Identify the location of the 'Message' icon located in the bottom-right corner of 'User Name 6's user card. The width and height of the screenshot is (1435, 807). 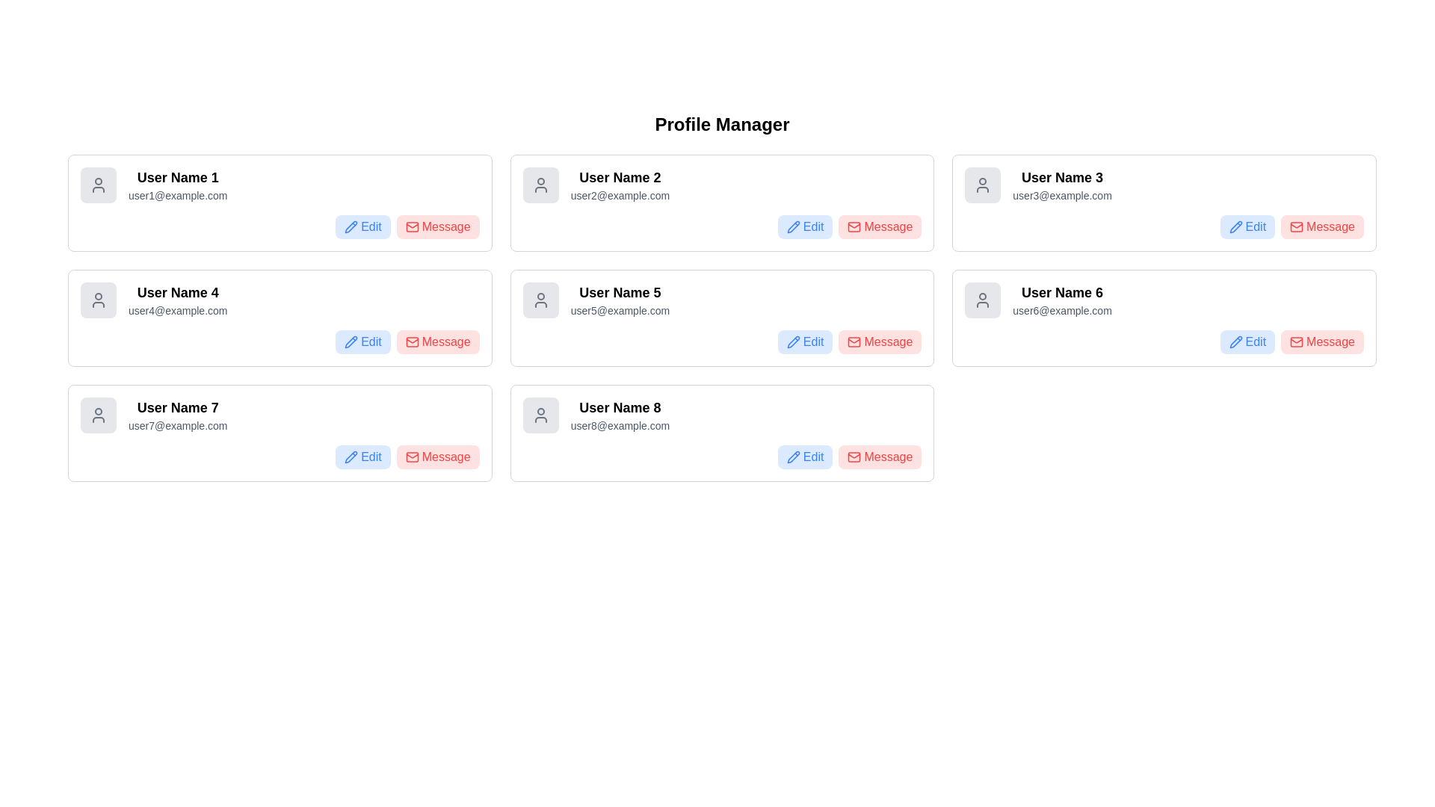
(1296, 342).